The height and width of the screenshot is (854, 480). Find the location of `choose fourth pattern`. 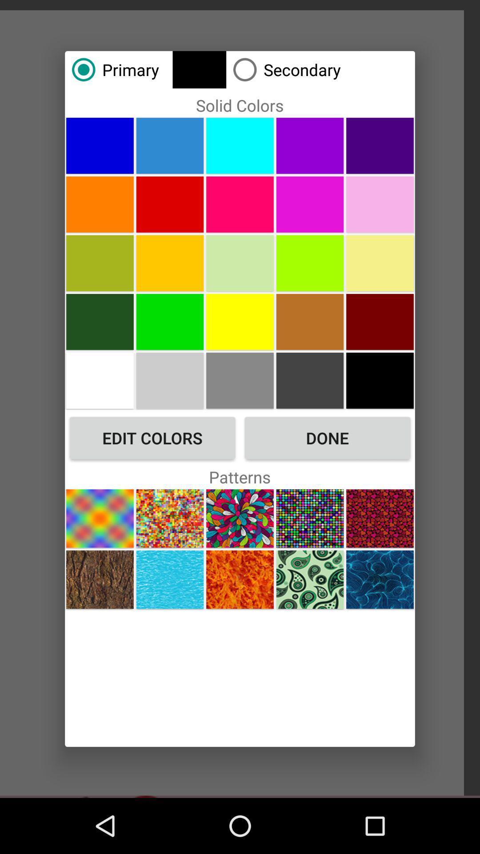

choose fourth pattern is located at coordinates (309, 518).